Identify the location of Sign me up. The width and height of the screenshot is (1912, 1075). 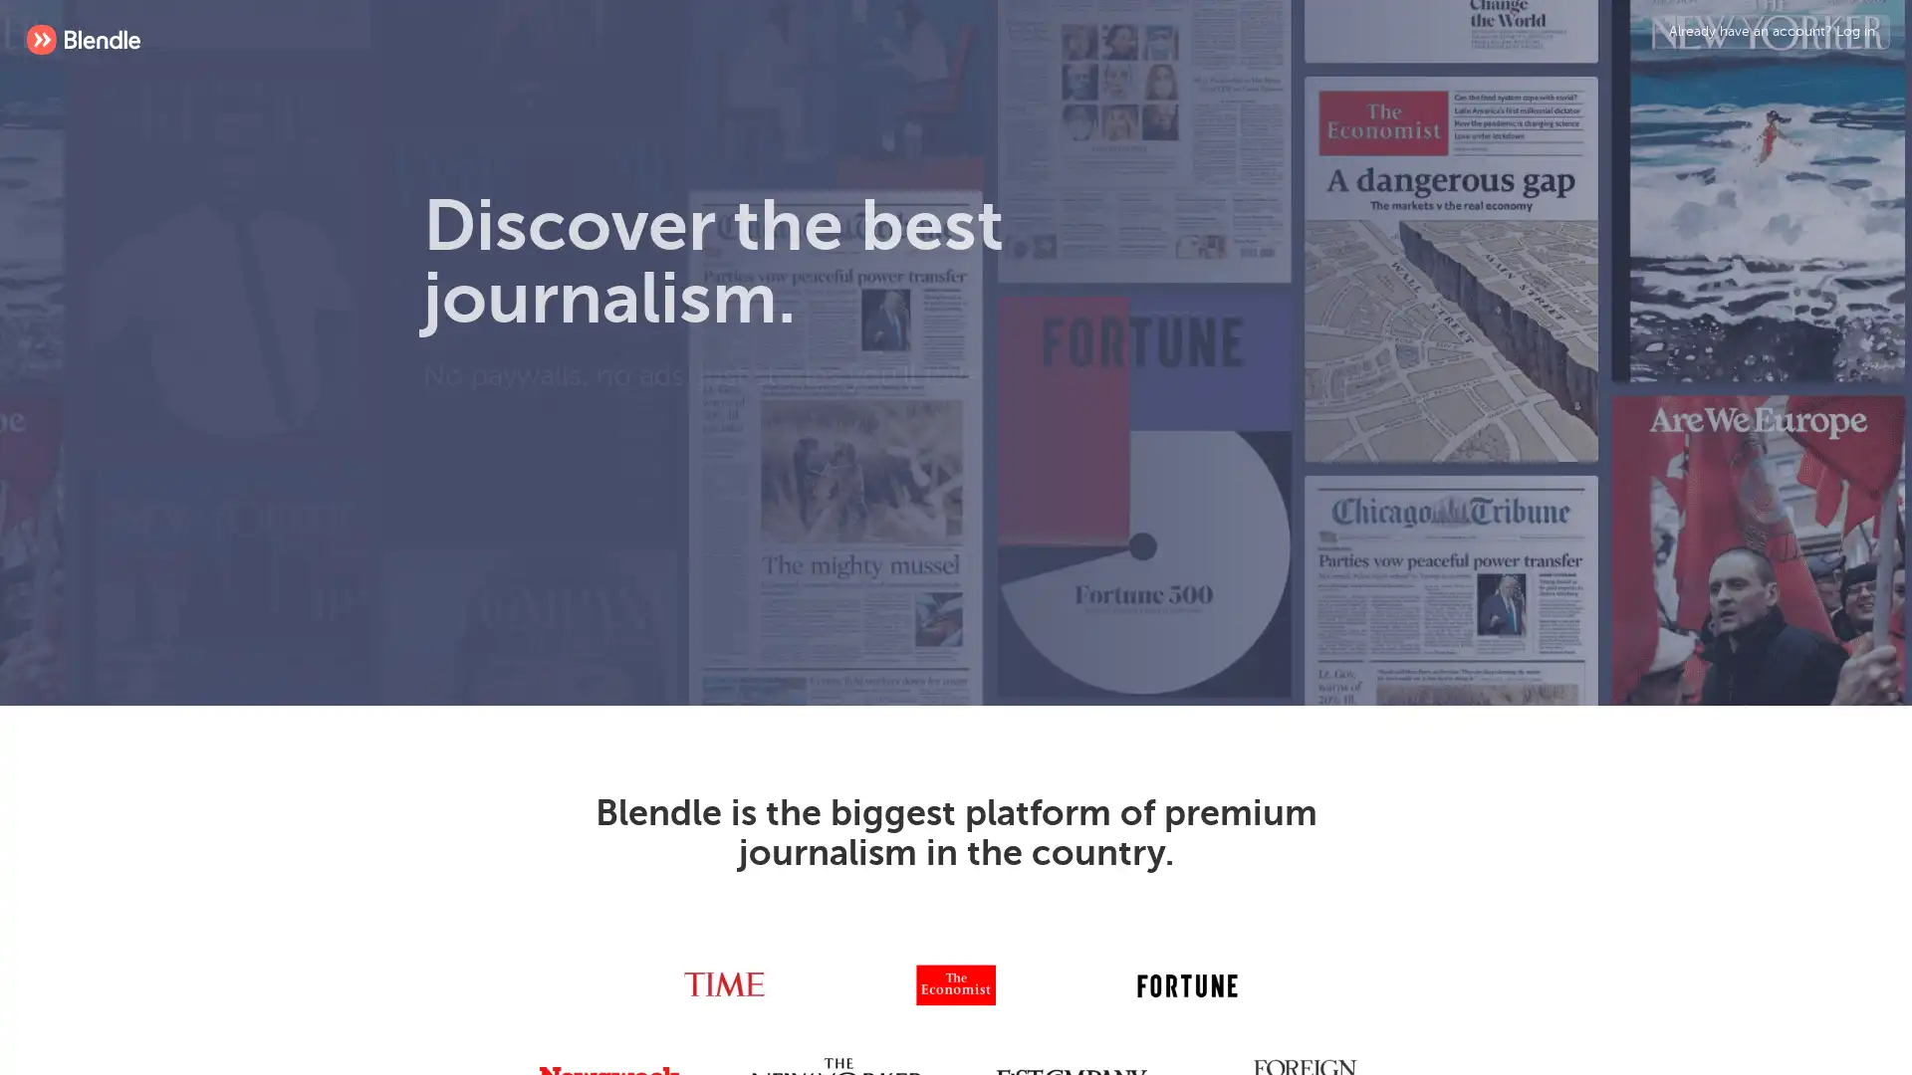
(789, 521).